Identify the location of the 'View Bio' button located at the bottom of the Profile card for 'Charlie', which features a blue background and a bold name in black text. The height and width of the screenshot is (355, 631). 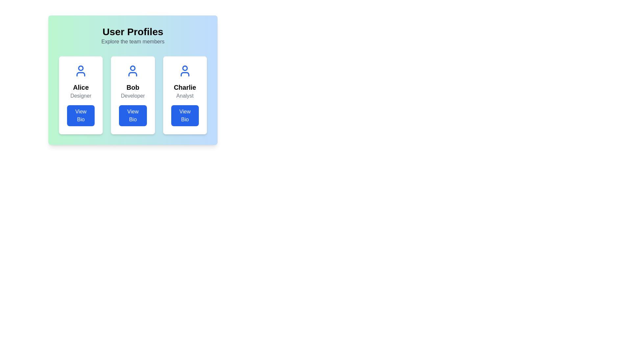
(184, 95).